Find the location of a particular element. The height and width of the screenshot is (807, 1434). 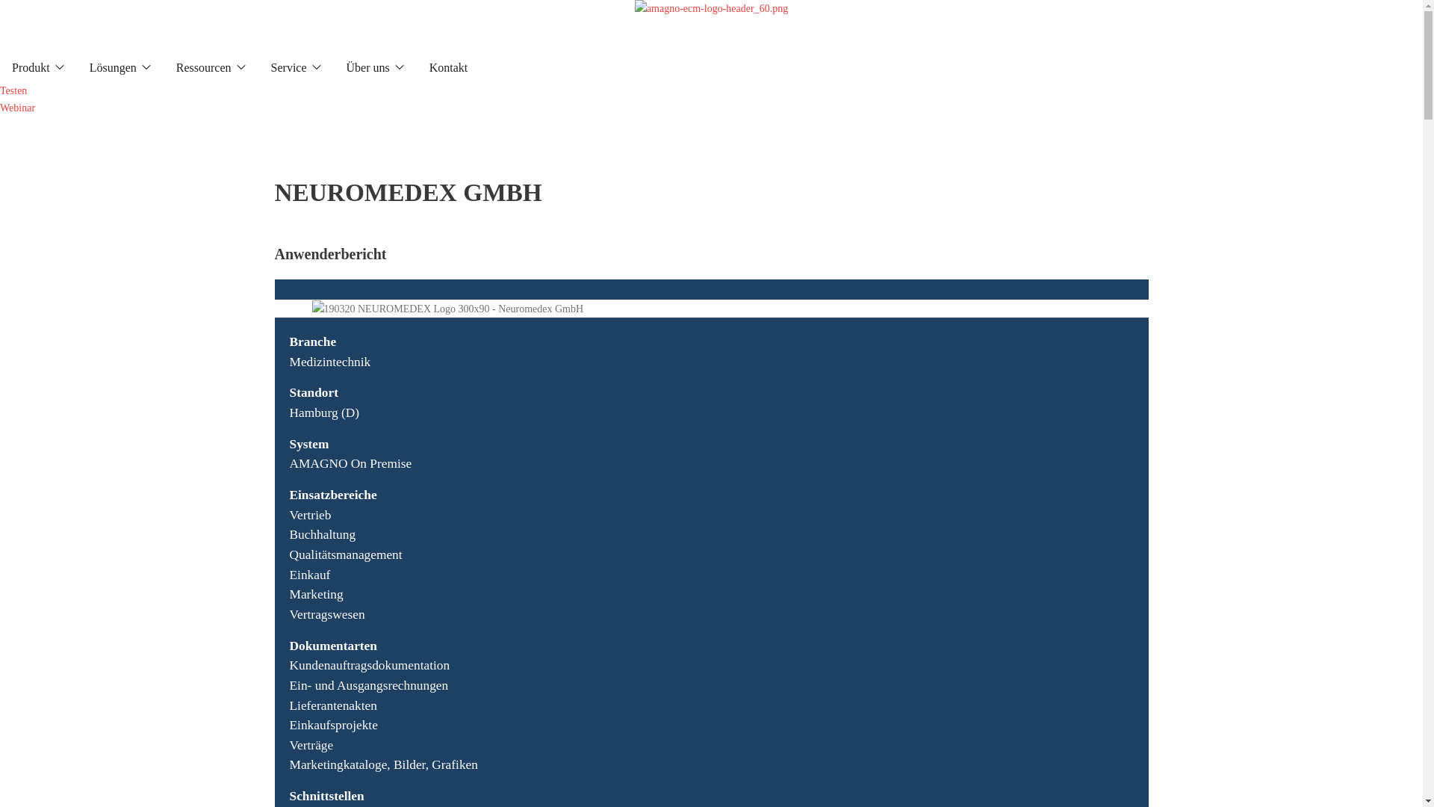

'Kontakt' is located at coordinates (447, 67).